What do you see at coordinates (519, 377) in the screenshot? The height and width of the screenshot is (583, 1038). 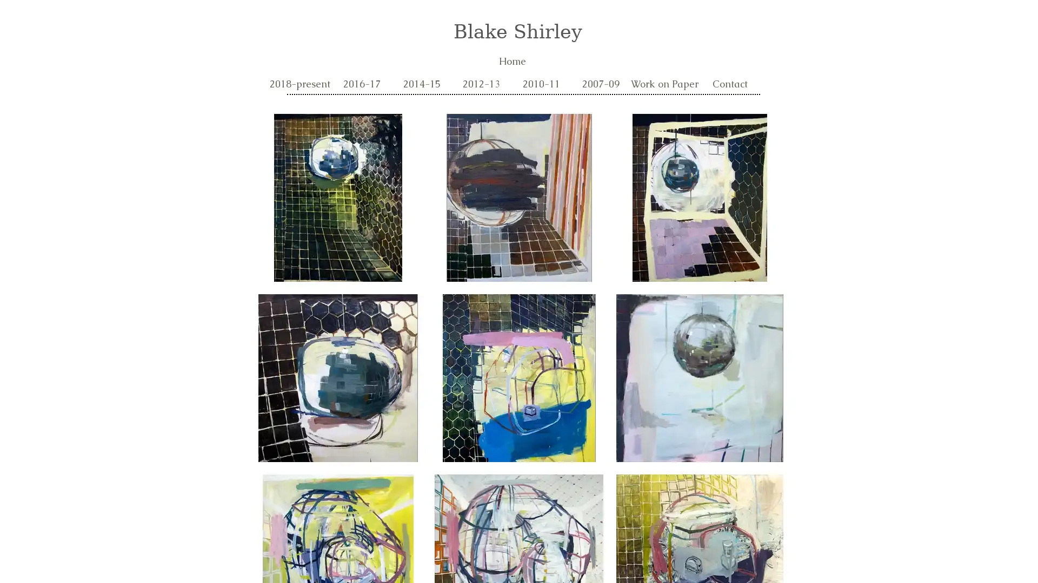 I see `5.jpg` at bounding box center [519, 377].